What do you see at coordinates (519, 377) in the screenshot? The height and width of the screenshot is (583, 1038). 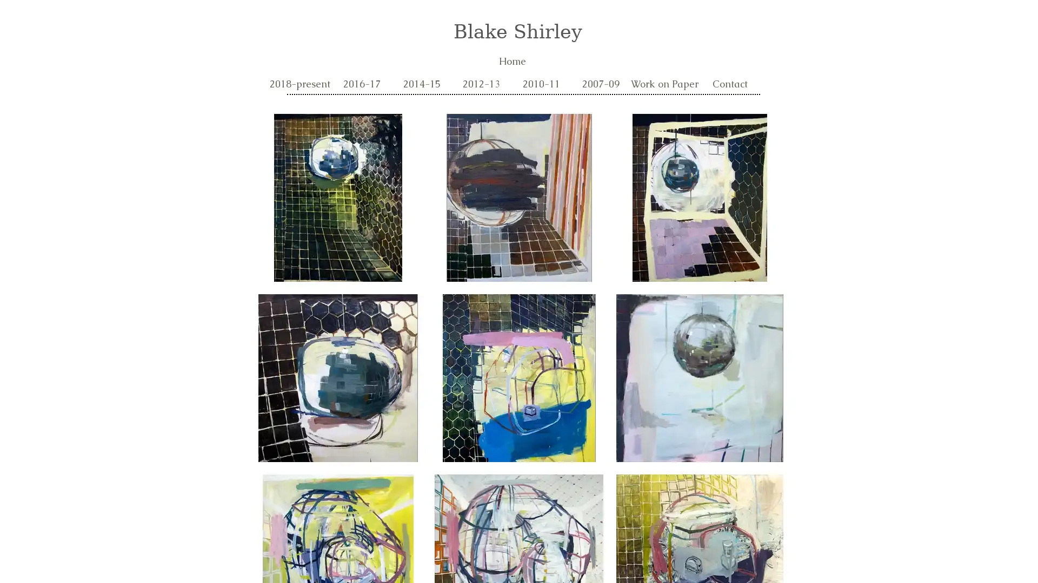 I see `5.jpg` at bounding box center [519, 377].